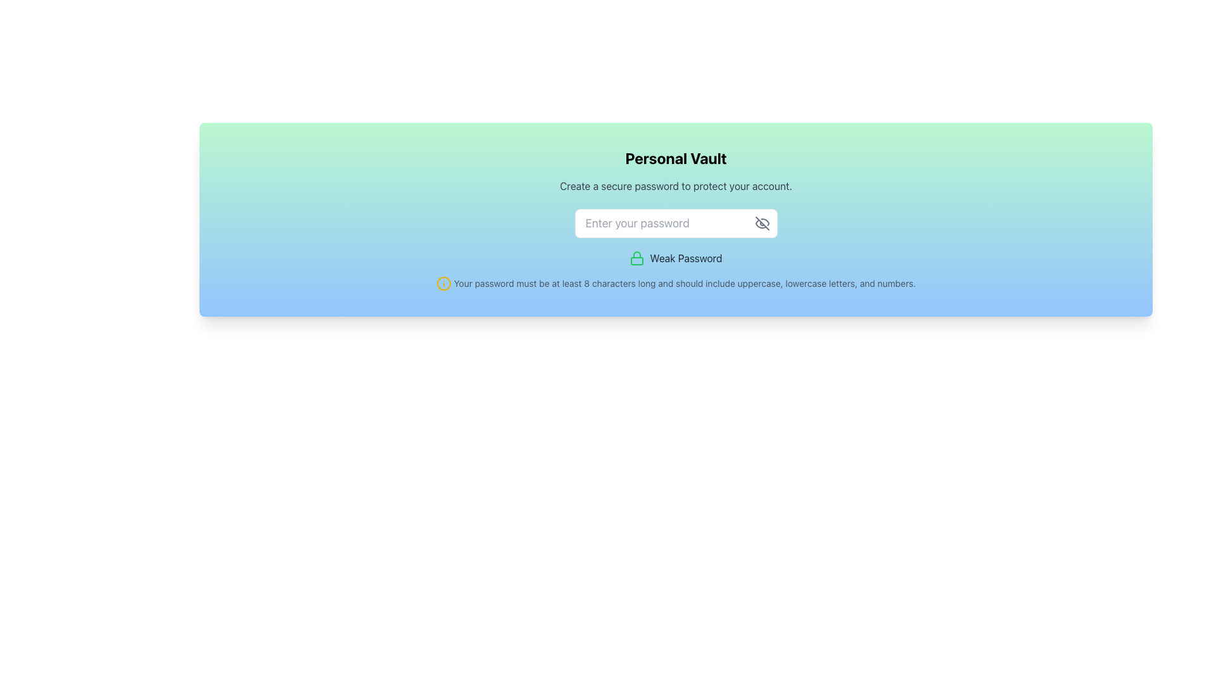 The height and width of the screenshot is (684, 1216). What do you see at coordinates (443, 282) in the screenshot?
I see `the yellow outlined SVG Circle with a diameter of 20 pixels located at the bottom left of the password guidance text field to observe its tooltip if one appears` at bounding box center [443, 282].